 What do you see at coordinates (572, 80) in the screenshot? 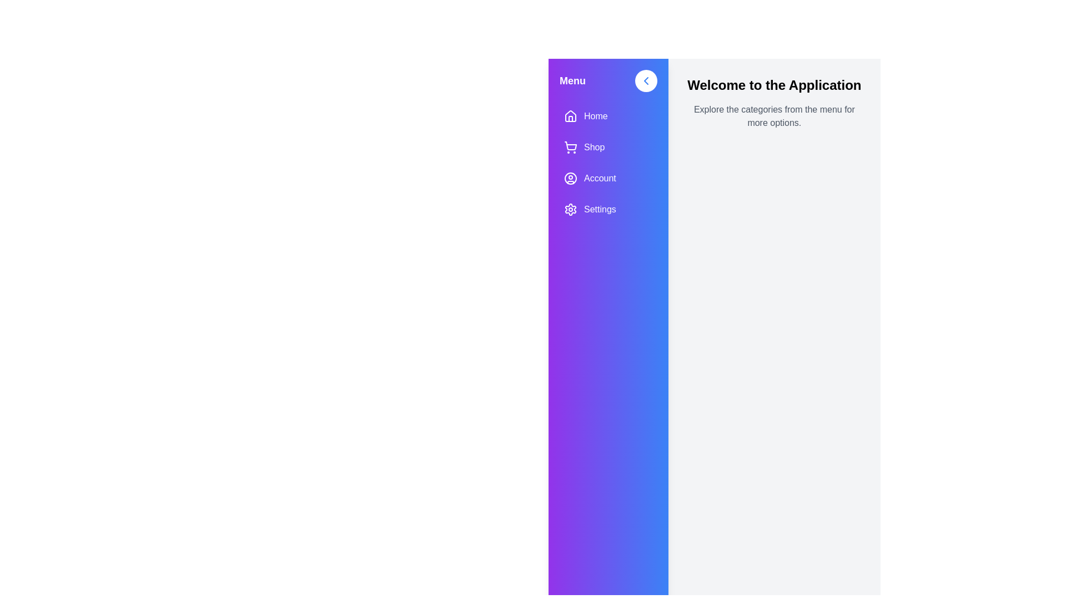
I see `the static text label at the top of the vertical navigation panel on the far left side of the application interface` at bounding box center [572, 80].